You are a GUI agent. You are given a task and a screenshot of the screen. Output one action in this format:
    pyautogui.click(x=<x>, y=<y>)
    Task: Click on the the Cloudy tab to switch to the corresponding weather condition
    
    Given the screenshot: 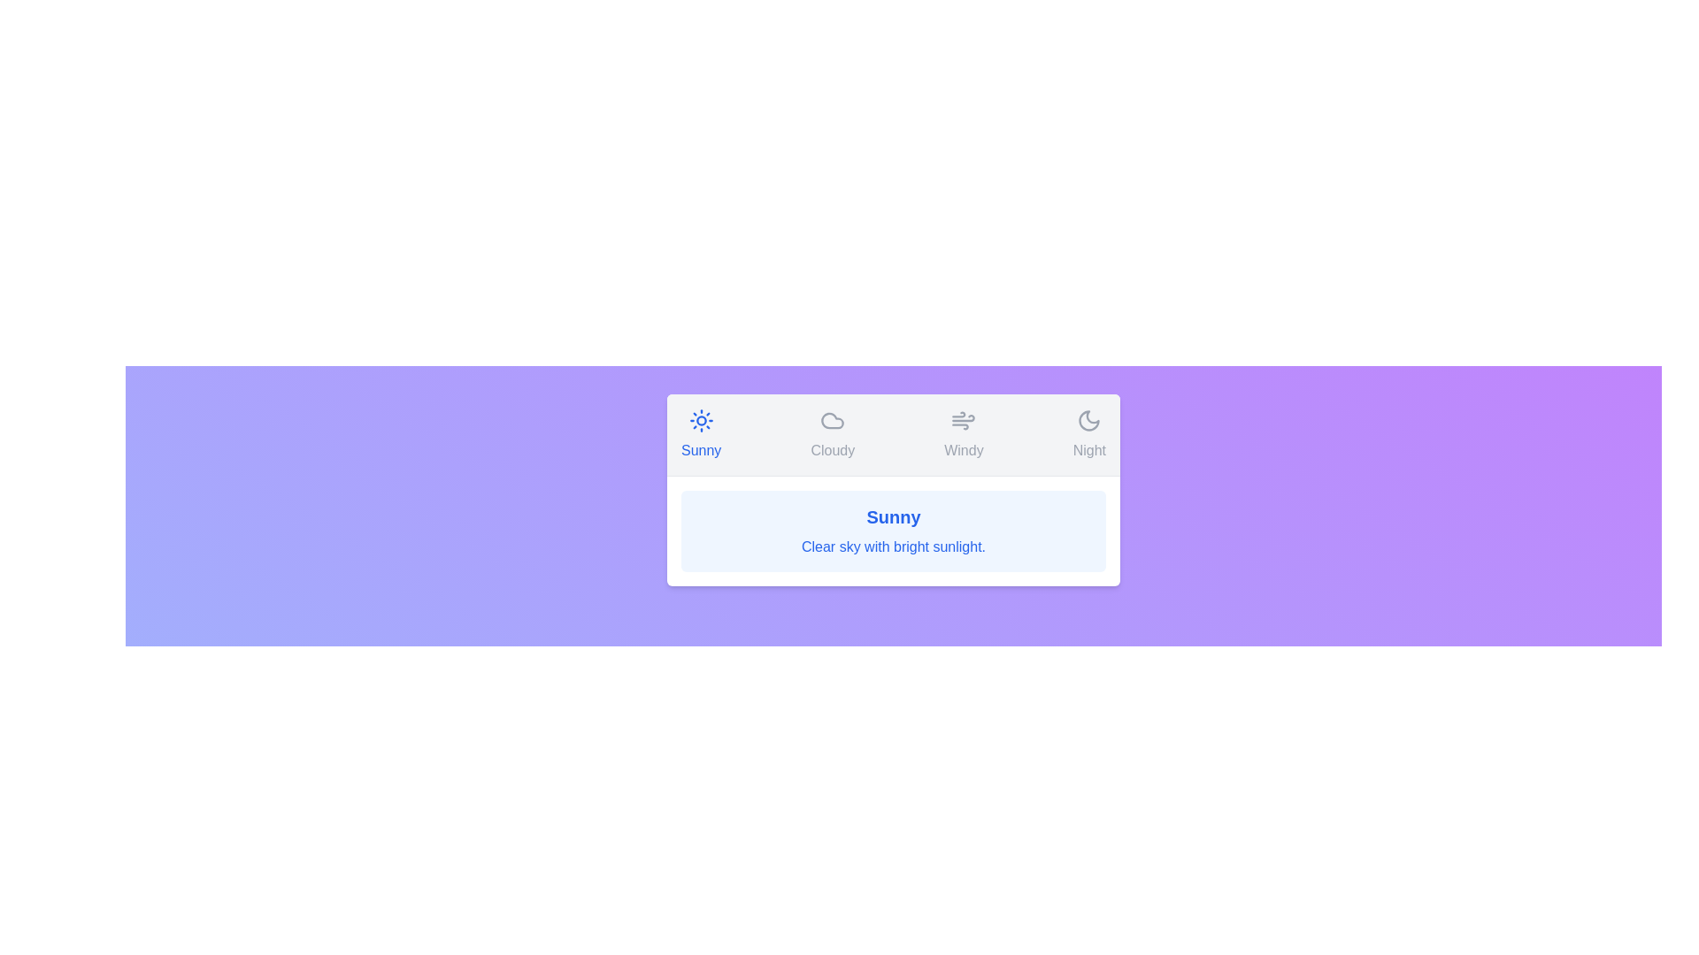 What is the action you would take?
    pyautogui.click(x=832, y=435)
    